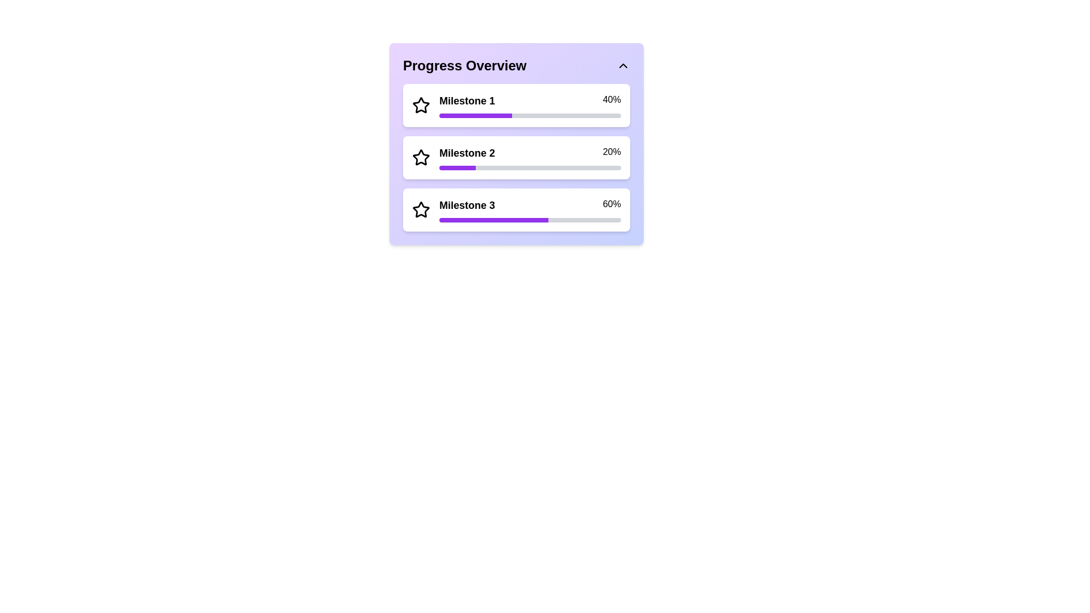 The image size is (1090, 613). What do you see at coordinates (467, 153) in the screenshot?
I see `the bolded text label reading 'Milestone 2', which is part of a row with a star icon to its left and a percentage label ('20%') to its right` at bounding box center [467, 153].